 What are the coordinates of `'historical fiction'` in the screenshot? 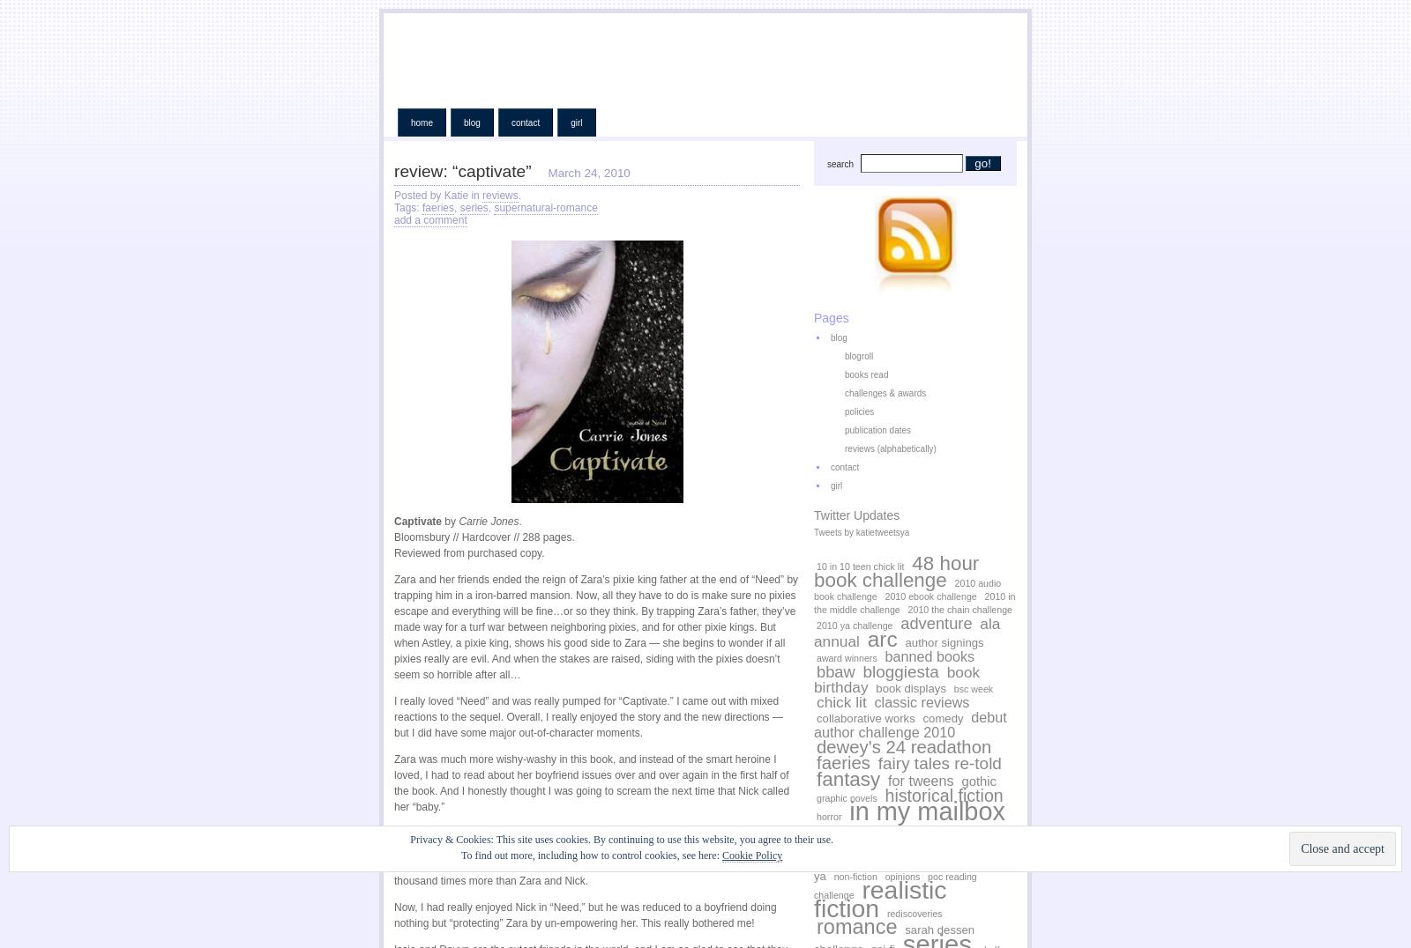 It's located at (943, 794).